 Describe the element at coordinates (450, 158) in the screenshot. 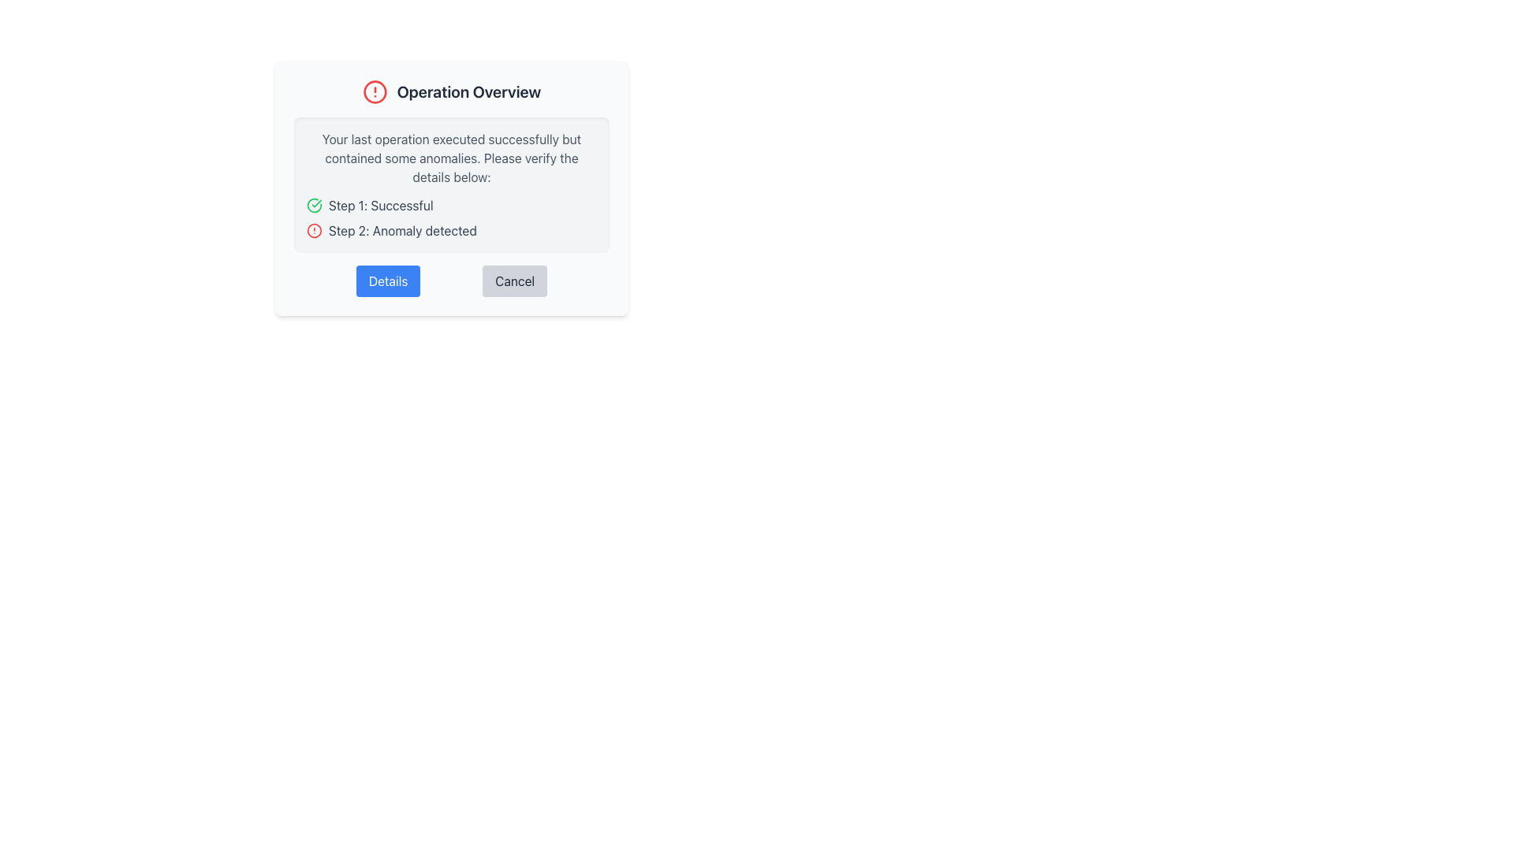

I see `the Static Text Display that states 'Your last operation executed successfully but contained some anomalies. Please verify the details below:' which is positioned below the title 'Operation Overview'` at that location.